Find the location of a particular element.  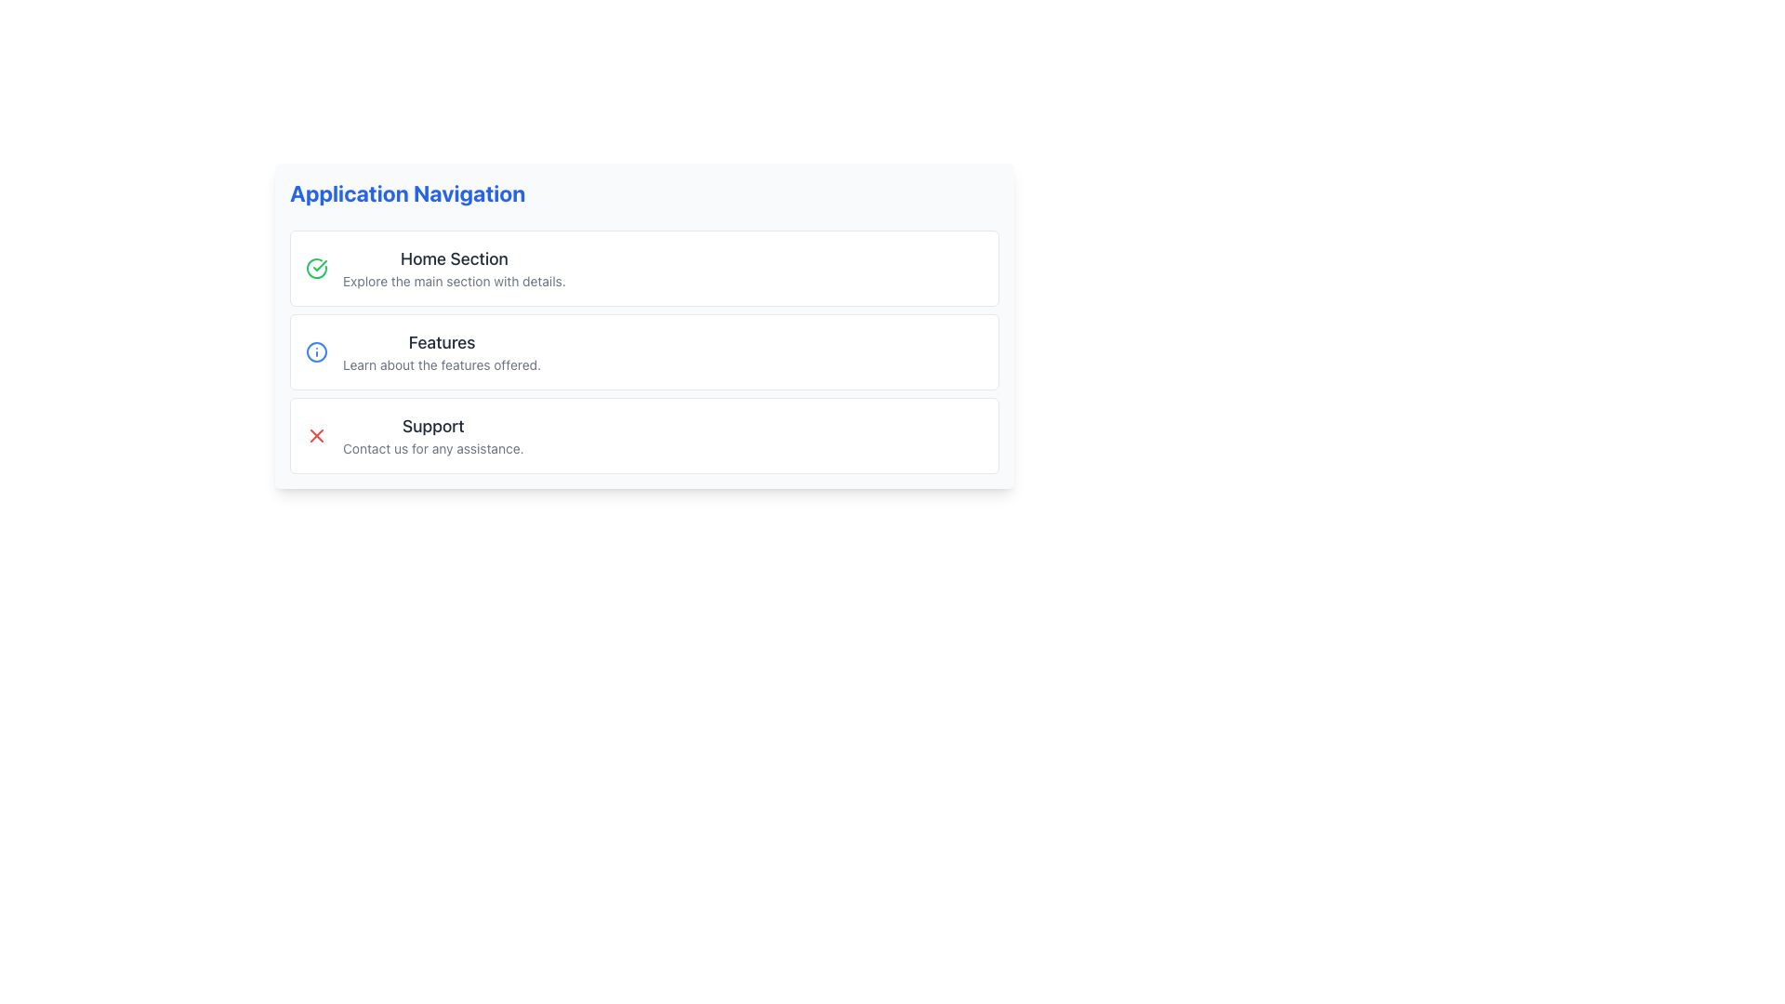

the hyperlink in the top navigation card that redirects to '#section1' to change its color is located at coordinates (454, 258).